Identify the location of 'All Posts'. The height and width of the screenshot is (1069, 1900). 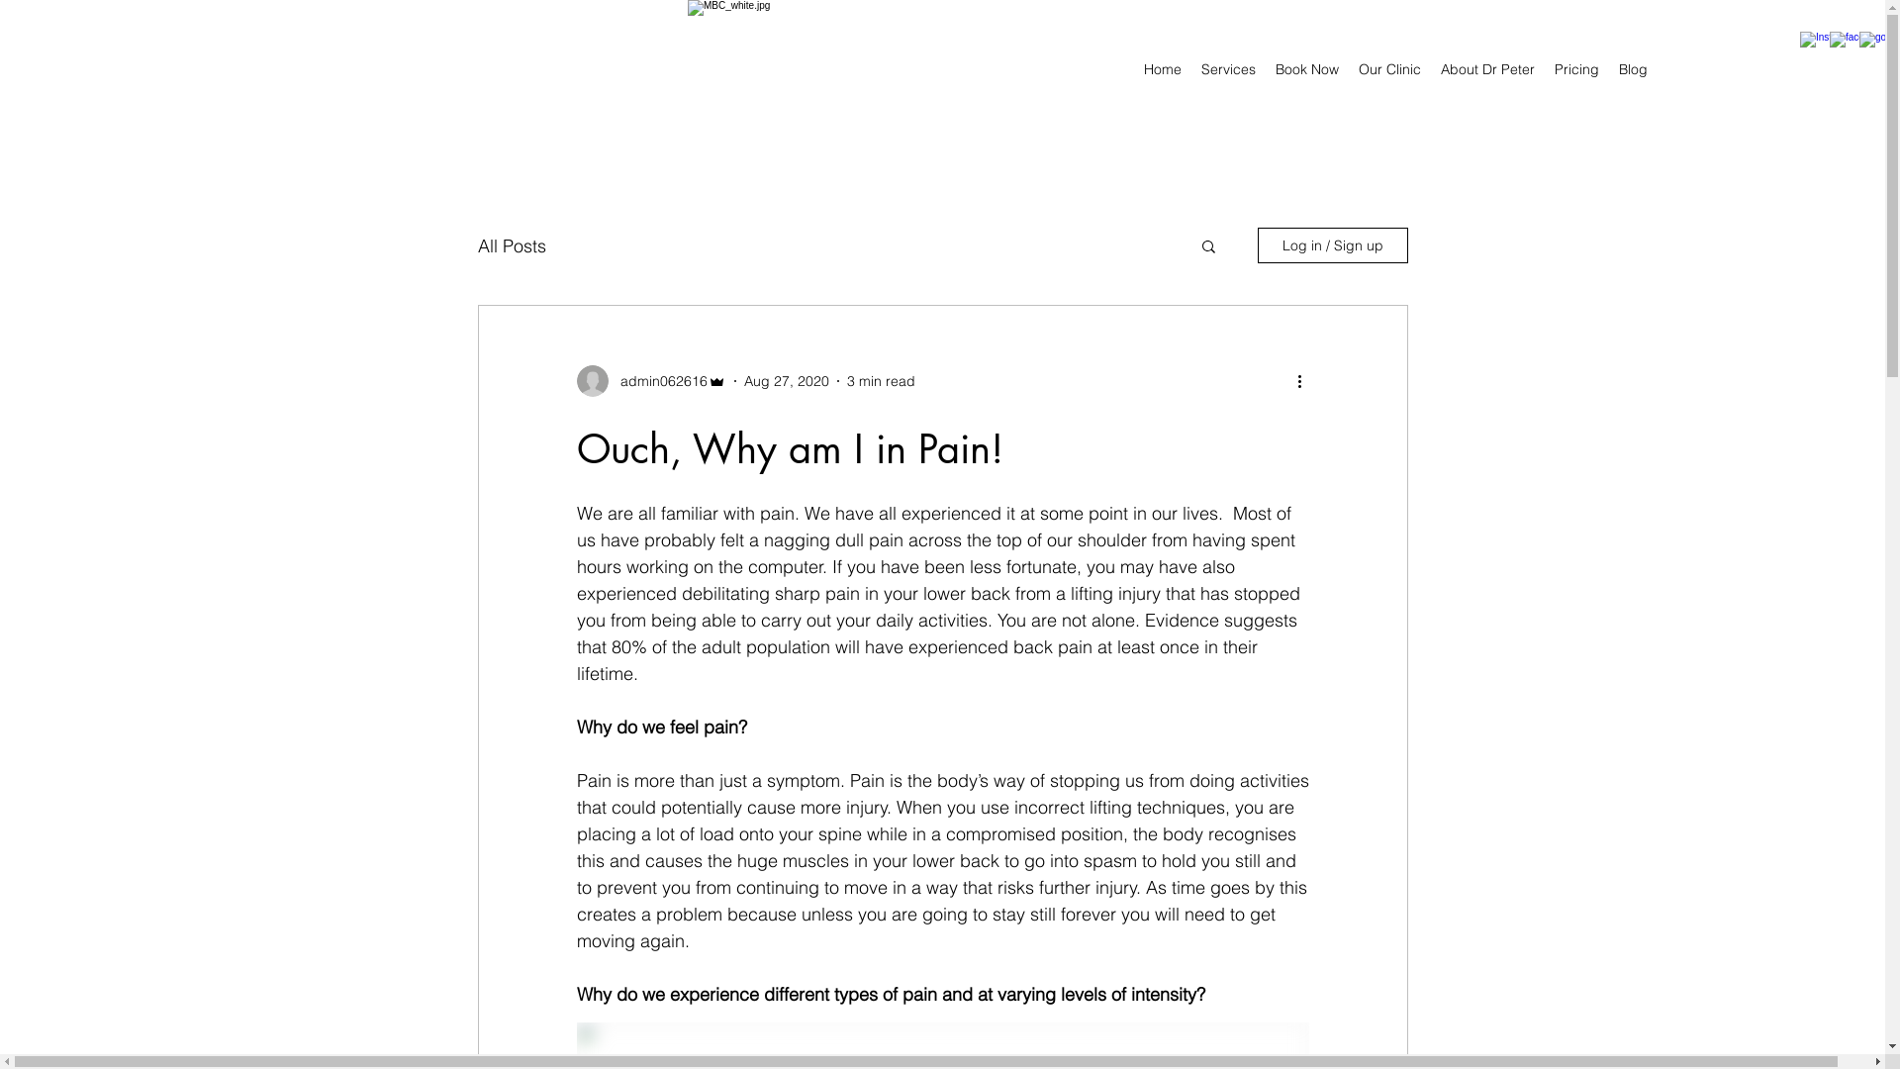
(511, 243).